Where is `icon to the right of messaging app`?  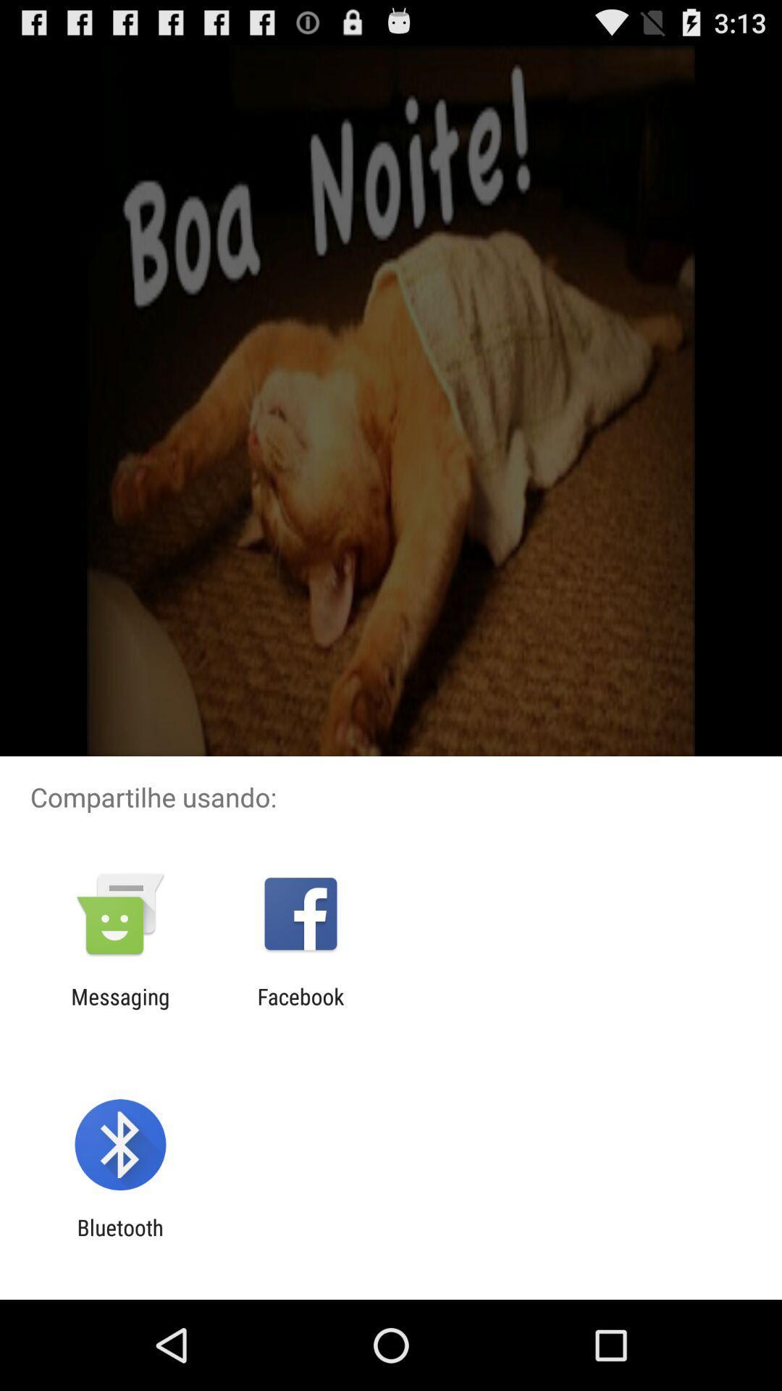 icon to the right of messaging app is located at coordinates (300, 1008).